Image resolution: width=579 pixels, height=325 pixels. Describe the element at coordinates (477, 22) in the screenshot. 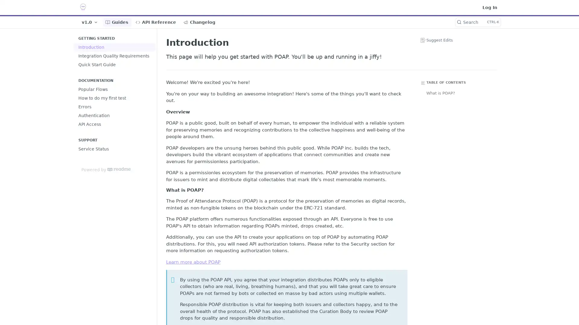

I see `Search` at that location.